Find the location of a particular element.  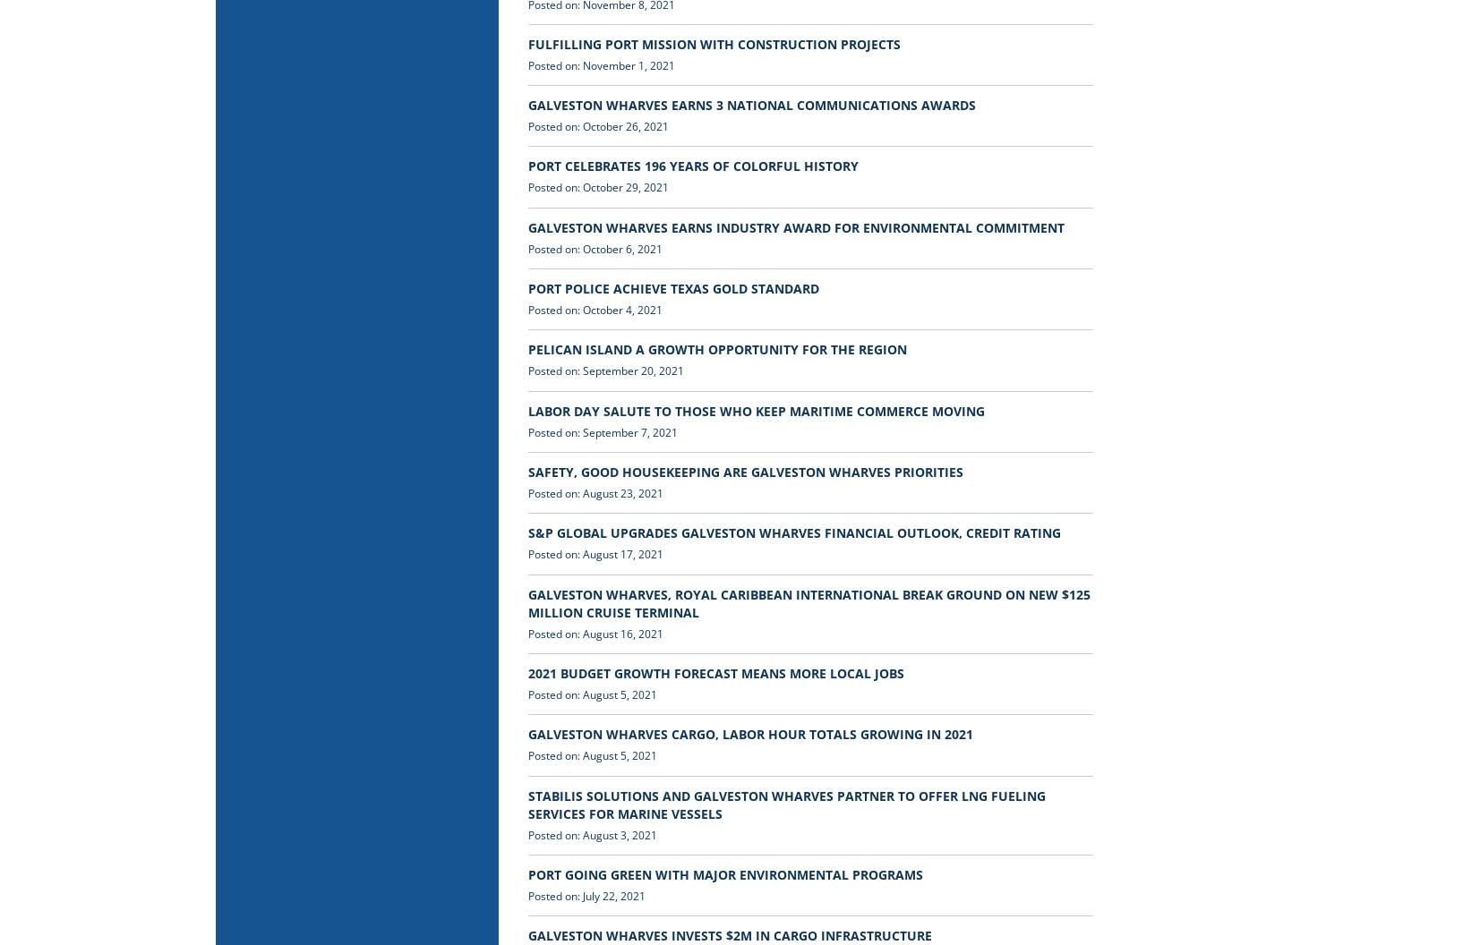

'Posted on: November 1, 2021' is located at coordinates (600, 64).